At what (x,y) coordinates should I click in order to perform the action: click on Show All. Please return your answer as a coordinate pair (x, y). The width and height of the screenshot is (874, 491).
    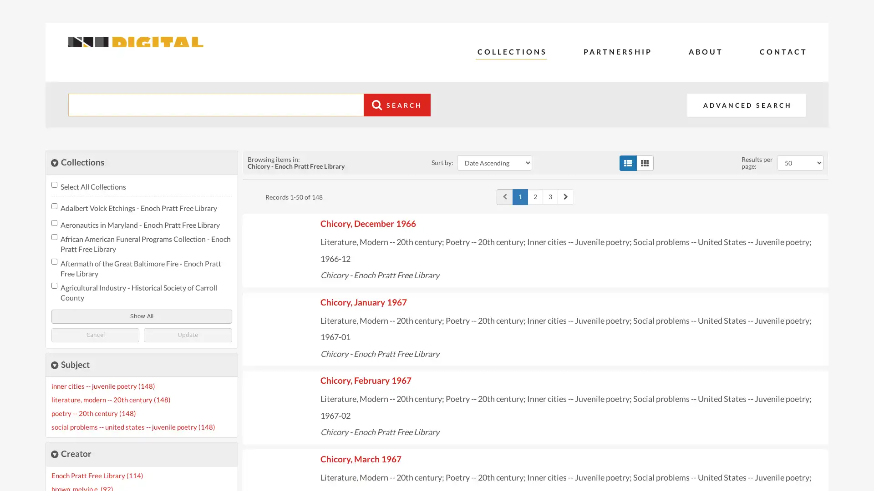
    Looking at the image, I should click on (141, 316).